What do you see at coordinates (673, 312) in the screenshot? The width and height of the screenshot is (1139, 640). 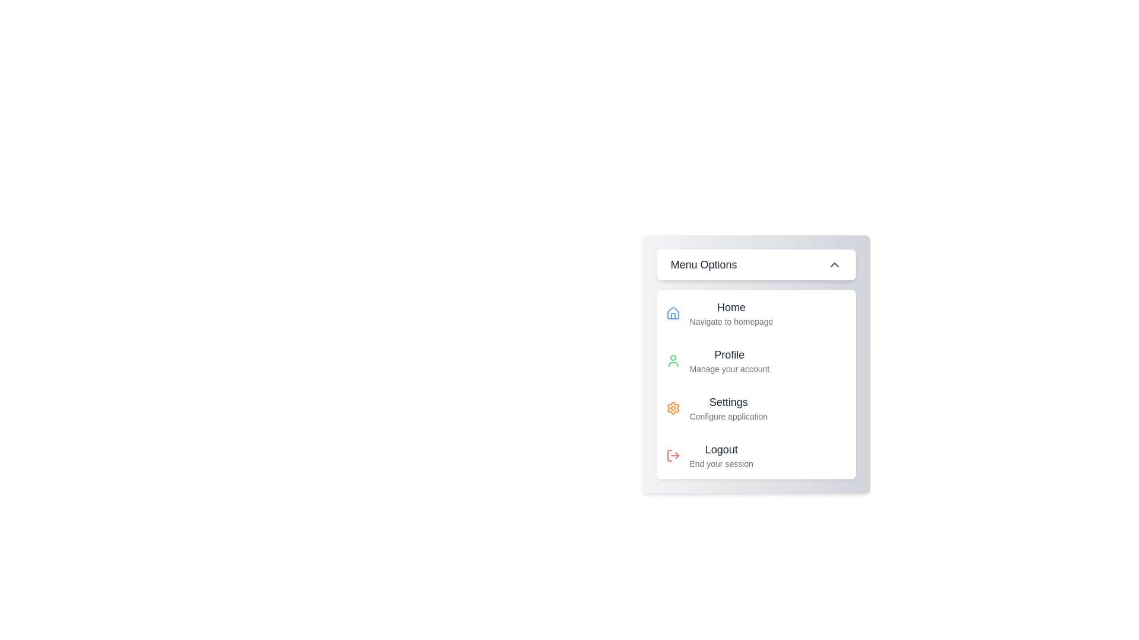 I see `the house-shaped icon, which is styled in a blue tone and located near the top of the menu interface, to the left of the 'Home' text label` at bounding box center [673, 312].